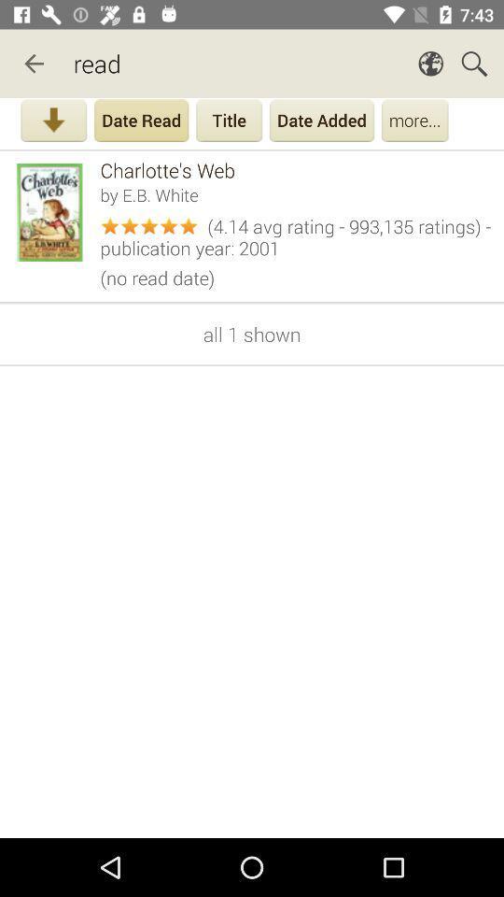 The width and height of the screenshot is (504, 897). I want to click on the icon above the 4 14 avg, so click(296, 194).